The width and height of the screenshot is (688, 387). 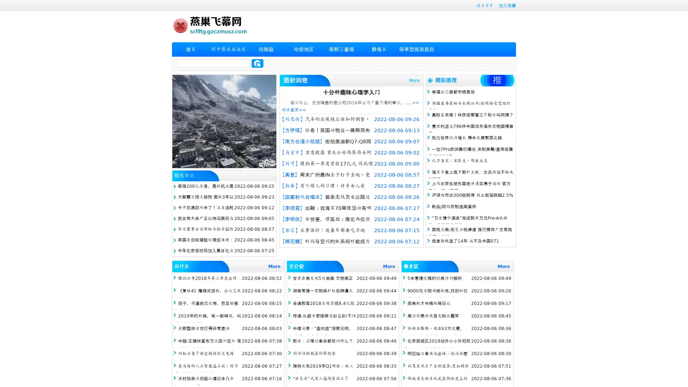 I want to click on Search, so click(x=257, y=63).